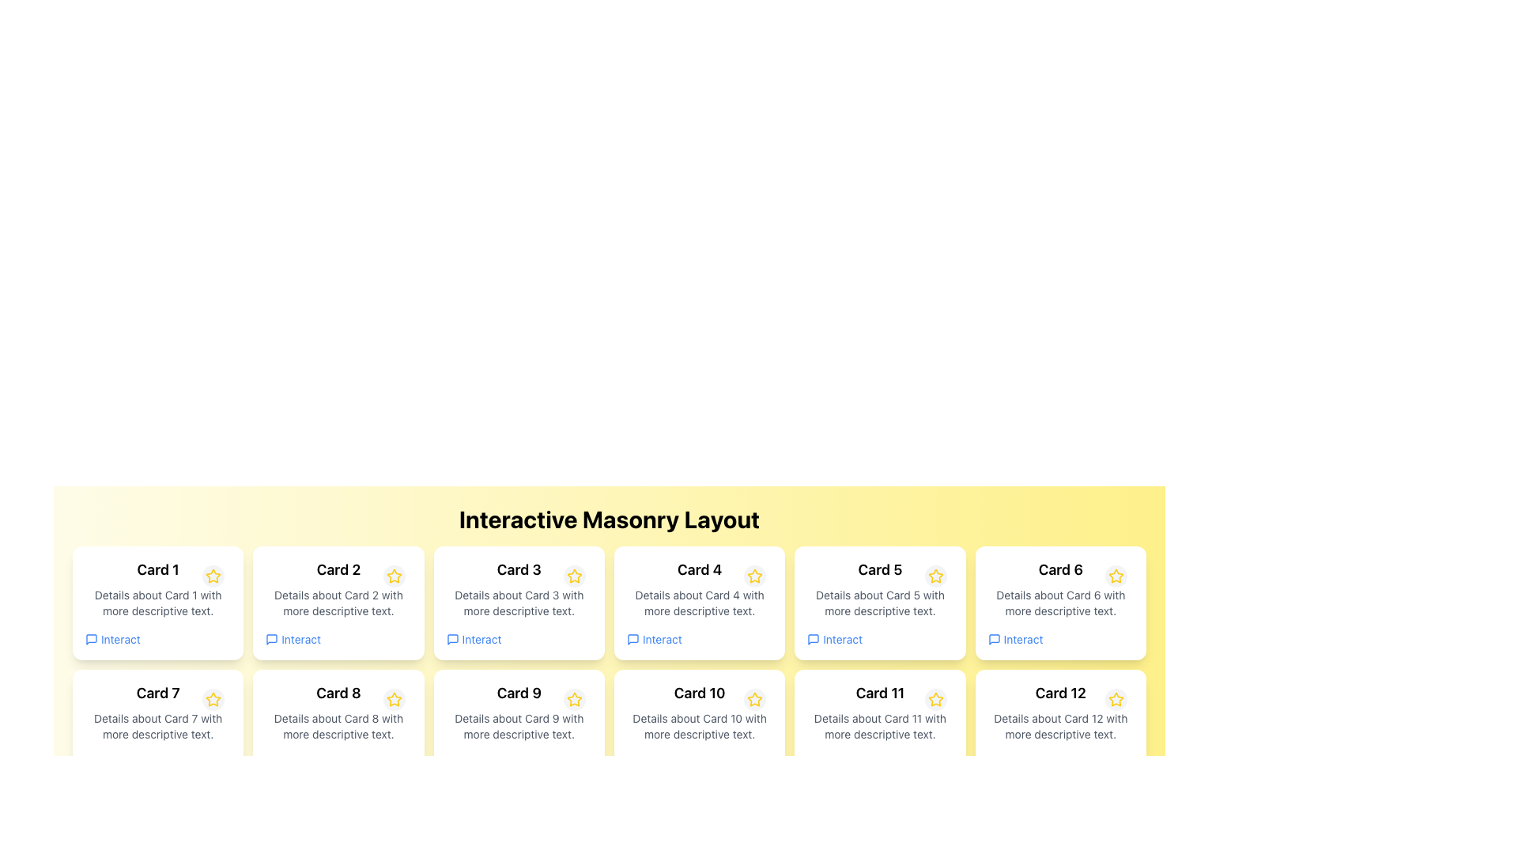 This screenshot has width=1518, height=854. I want to click on the title text element located at the top of 'Card 10', which identifies the card's content, so click(699, 692).